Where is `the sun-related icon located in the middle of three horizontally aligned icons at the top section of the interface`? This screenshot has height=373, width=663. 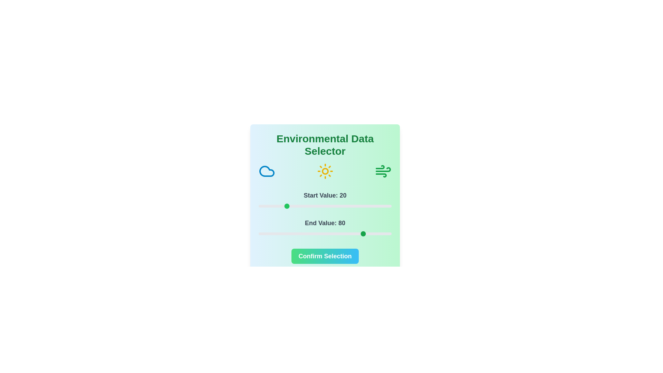
the sun-related icon located in the middle of three horizontally aligned icons at the top section of the interface is located at coordinates (325, 171).